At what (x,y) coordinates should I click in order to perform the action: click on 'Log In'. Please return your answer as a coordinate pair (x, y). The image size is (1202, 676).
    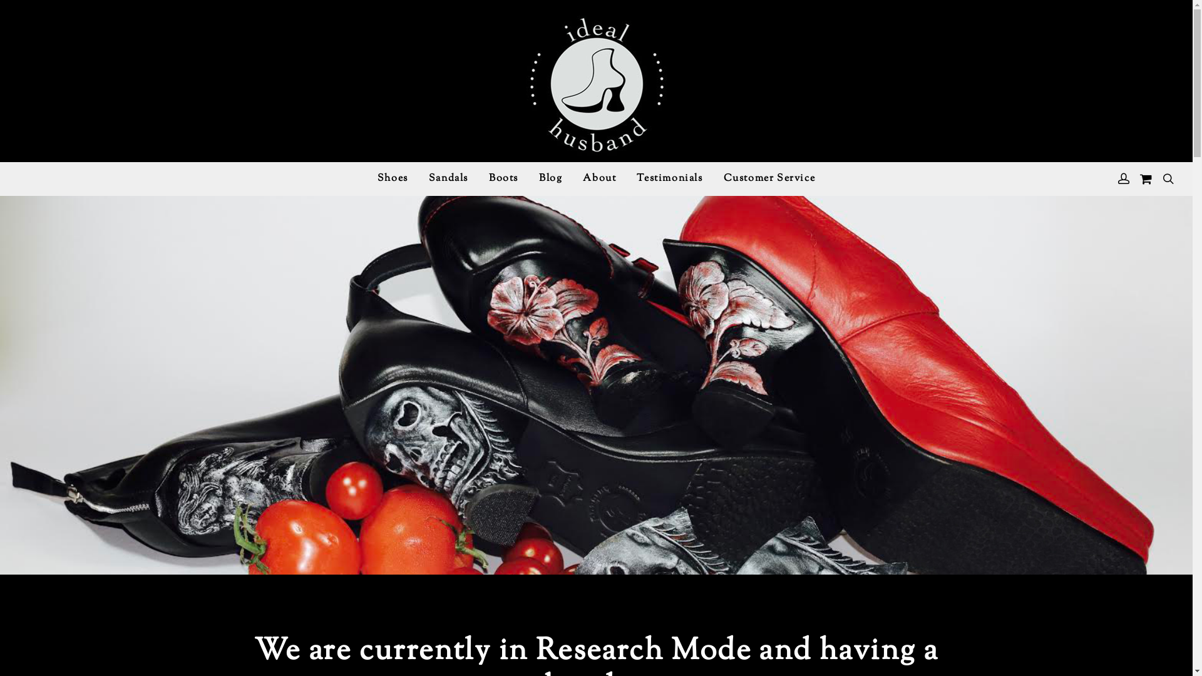
    Looking at the image, I should click on (1042, 378).